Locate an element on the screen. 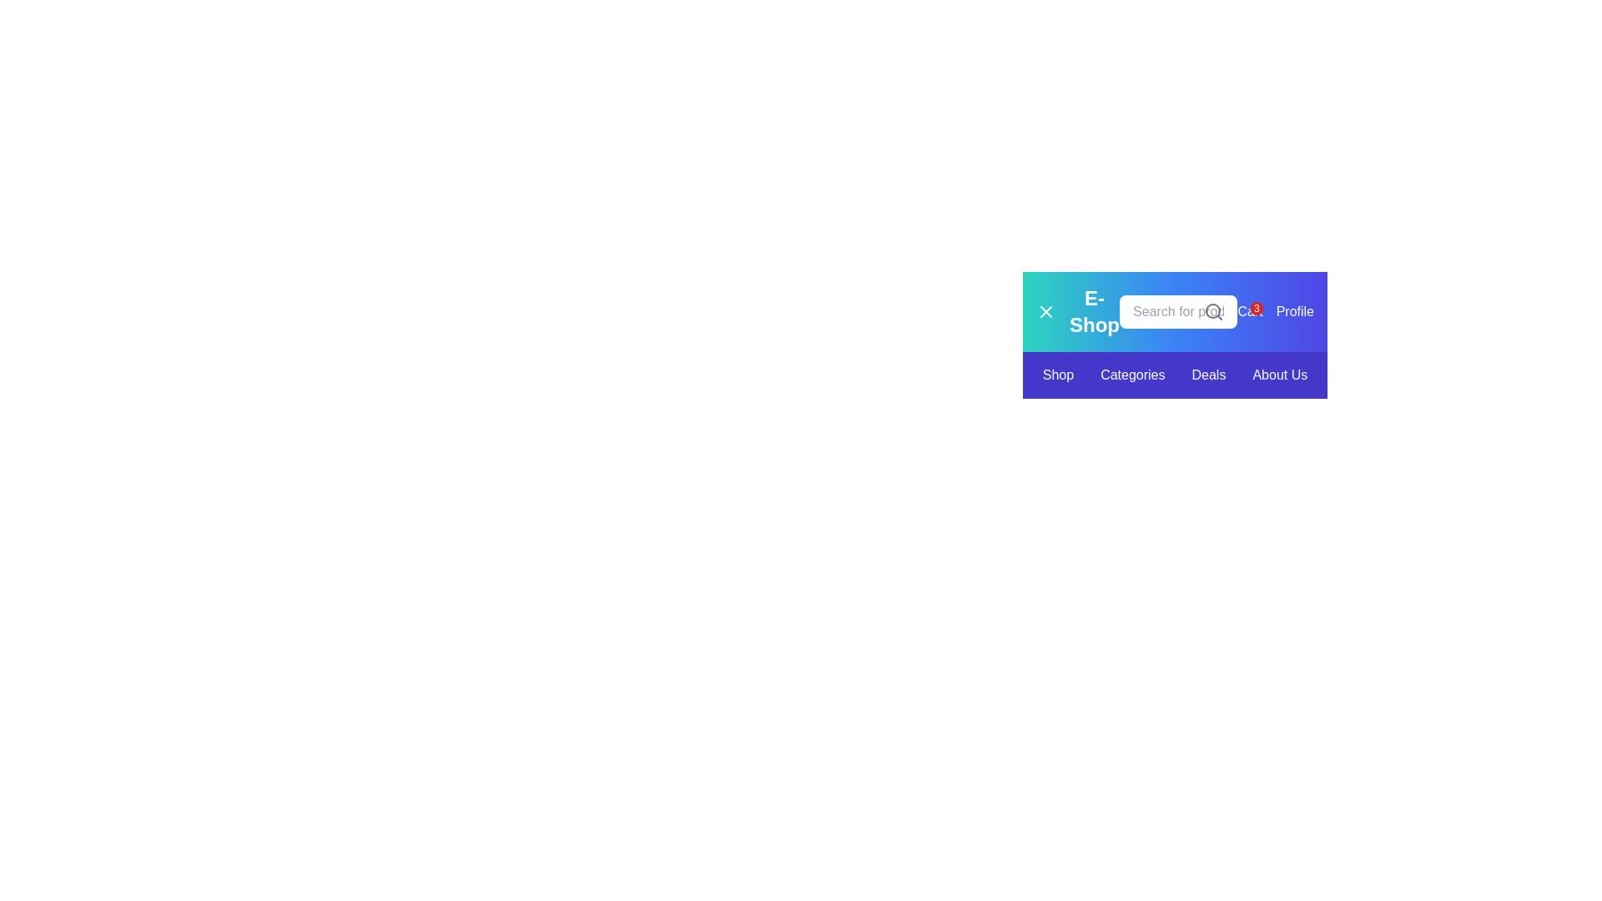  the third link in the horizontal menu bar labeled 'Deals' is located at coordinates (1209, 375).